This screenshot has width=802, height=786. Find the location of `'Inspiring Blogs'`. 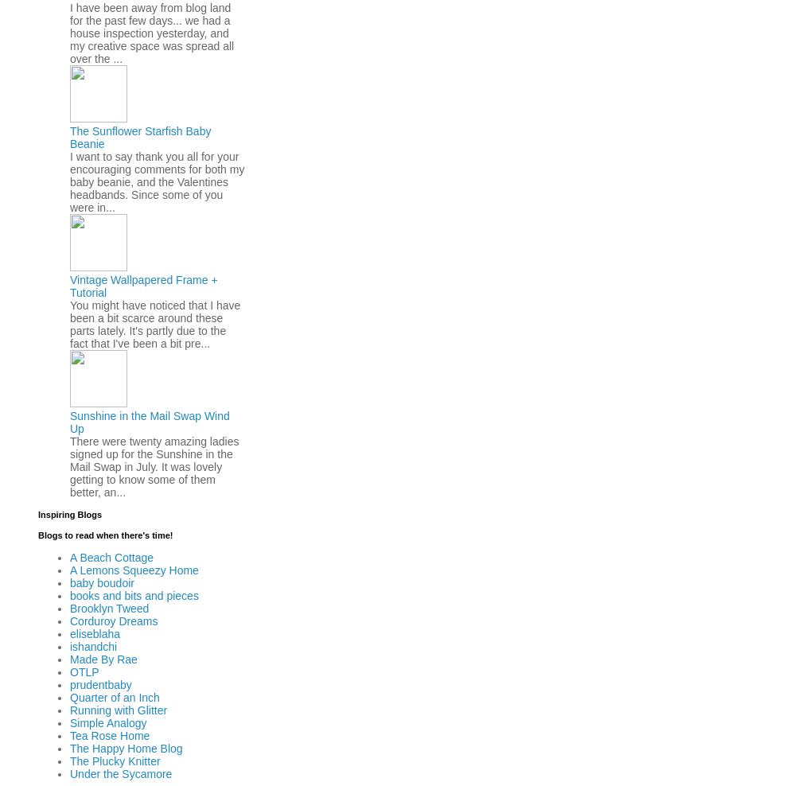

'Inspiring Blogs' is located at coordinates (37, 512).